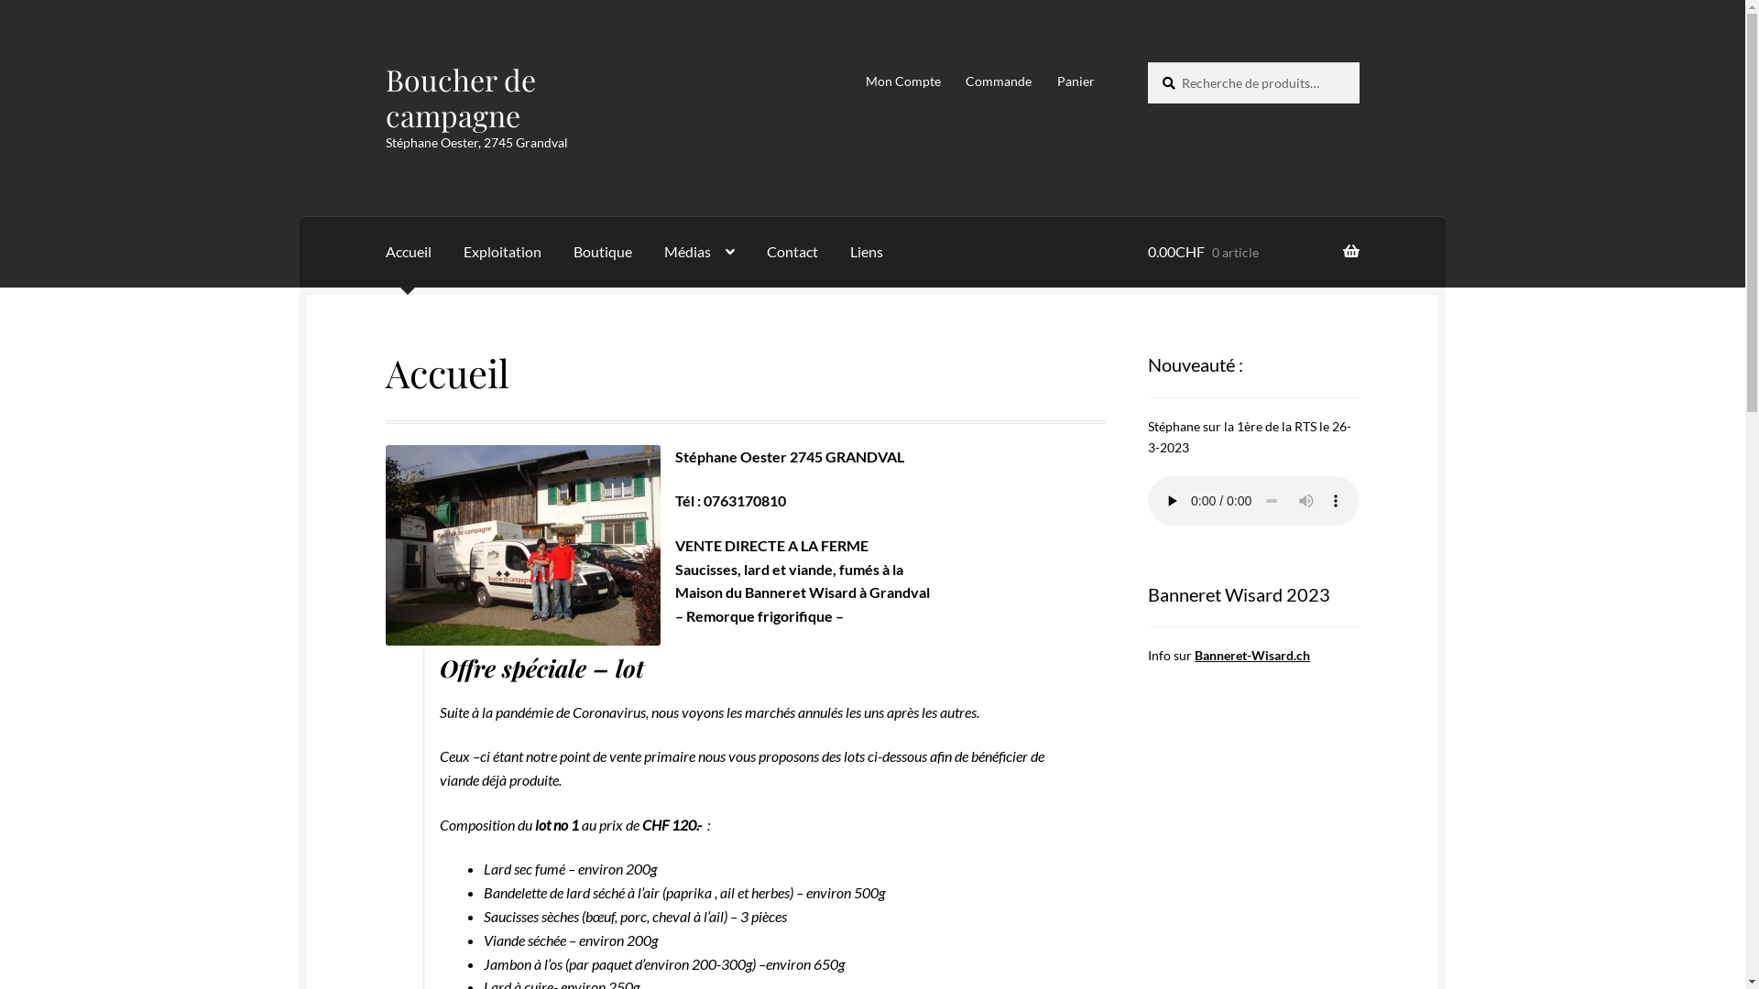 Image resolution: width=1759 pixels, height=989 pixels. What do you see at coordinates (1251, 654) in the screenshot?
I see `'Banneret-Wisard.ch'` at bounding box center [1251, 654].